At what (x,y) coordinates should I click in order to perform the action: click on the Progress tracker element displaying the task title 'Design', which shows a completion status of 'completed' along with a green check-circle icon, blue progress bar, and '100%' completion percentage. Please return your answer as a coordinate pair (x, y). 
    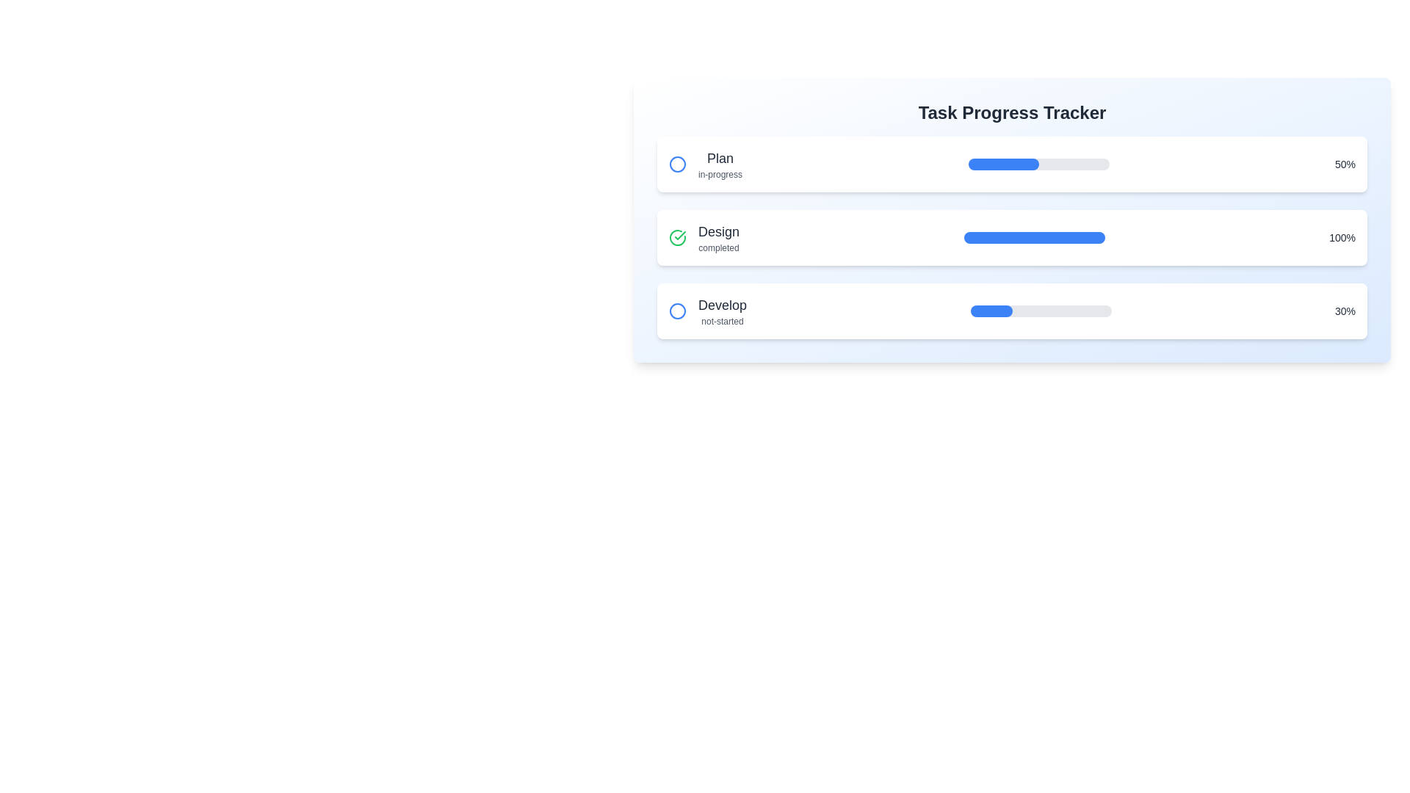
    Looking at the image, I should click on (1011, 237).